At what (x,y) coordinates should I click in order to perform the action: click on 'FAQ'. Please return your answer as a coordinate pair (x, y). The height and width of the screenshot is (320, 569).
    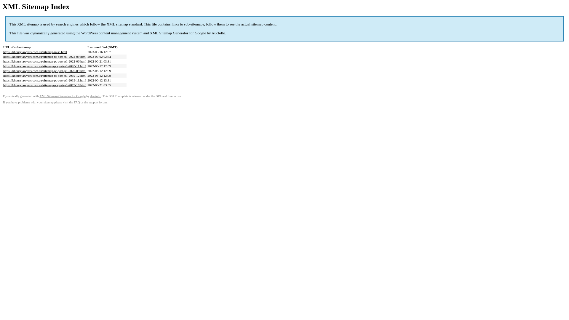
    Looking at the image, I should click on (76, 102).